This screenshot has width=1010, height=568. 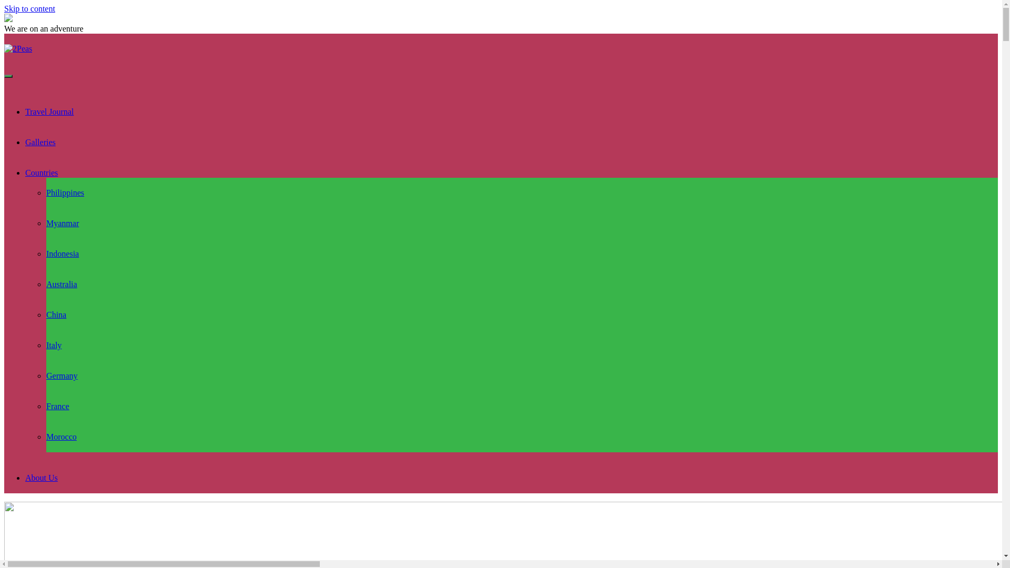 What do you see at coordinates (49, 111) in the screenshot?
I see `'Travel Journal'` at bounding box center [49, 111].